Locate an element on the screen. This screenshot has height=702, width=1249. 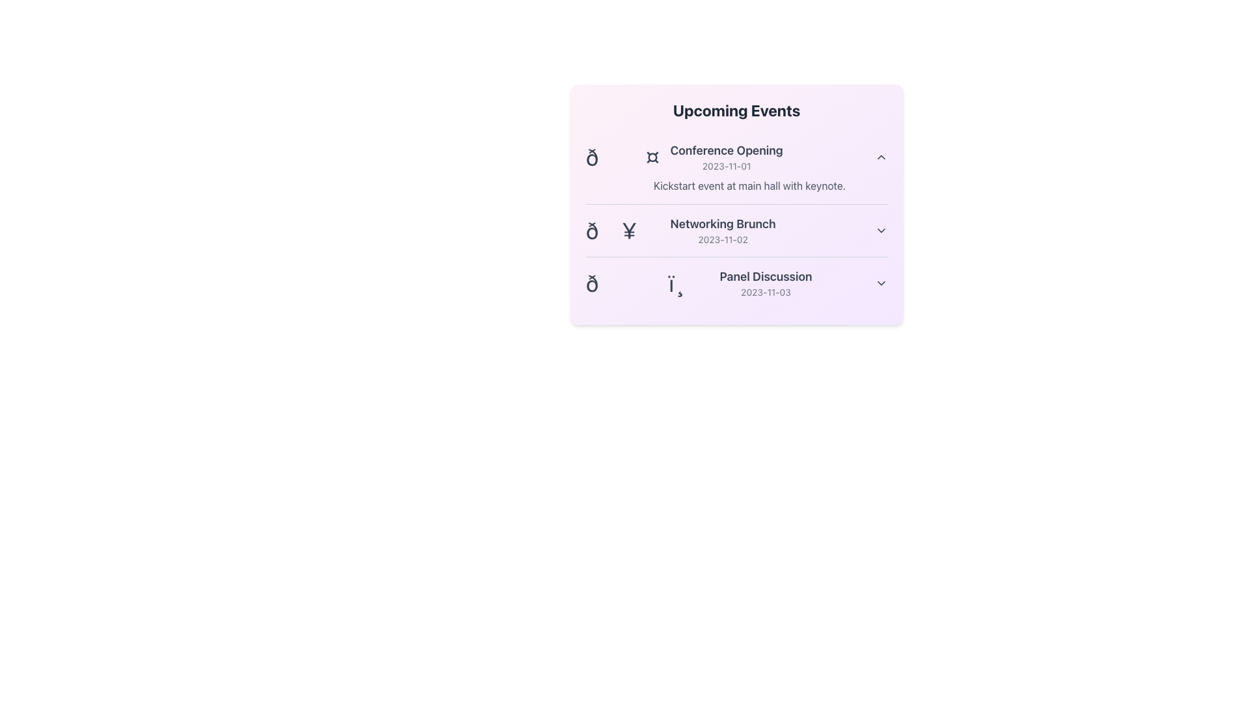
the text element titled 'Panel Discussion' with the date '2023-11-03' located in the third row of the 'Upcoming Events' list is located at coordinates (766, 282).